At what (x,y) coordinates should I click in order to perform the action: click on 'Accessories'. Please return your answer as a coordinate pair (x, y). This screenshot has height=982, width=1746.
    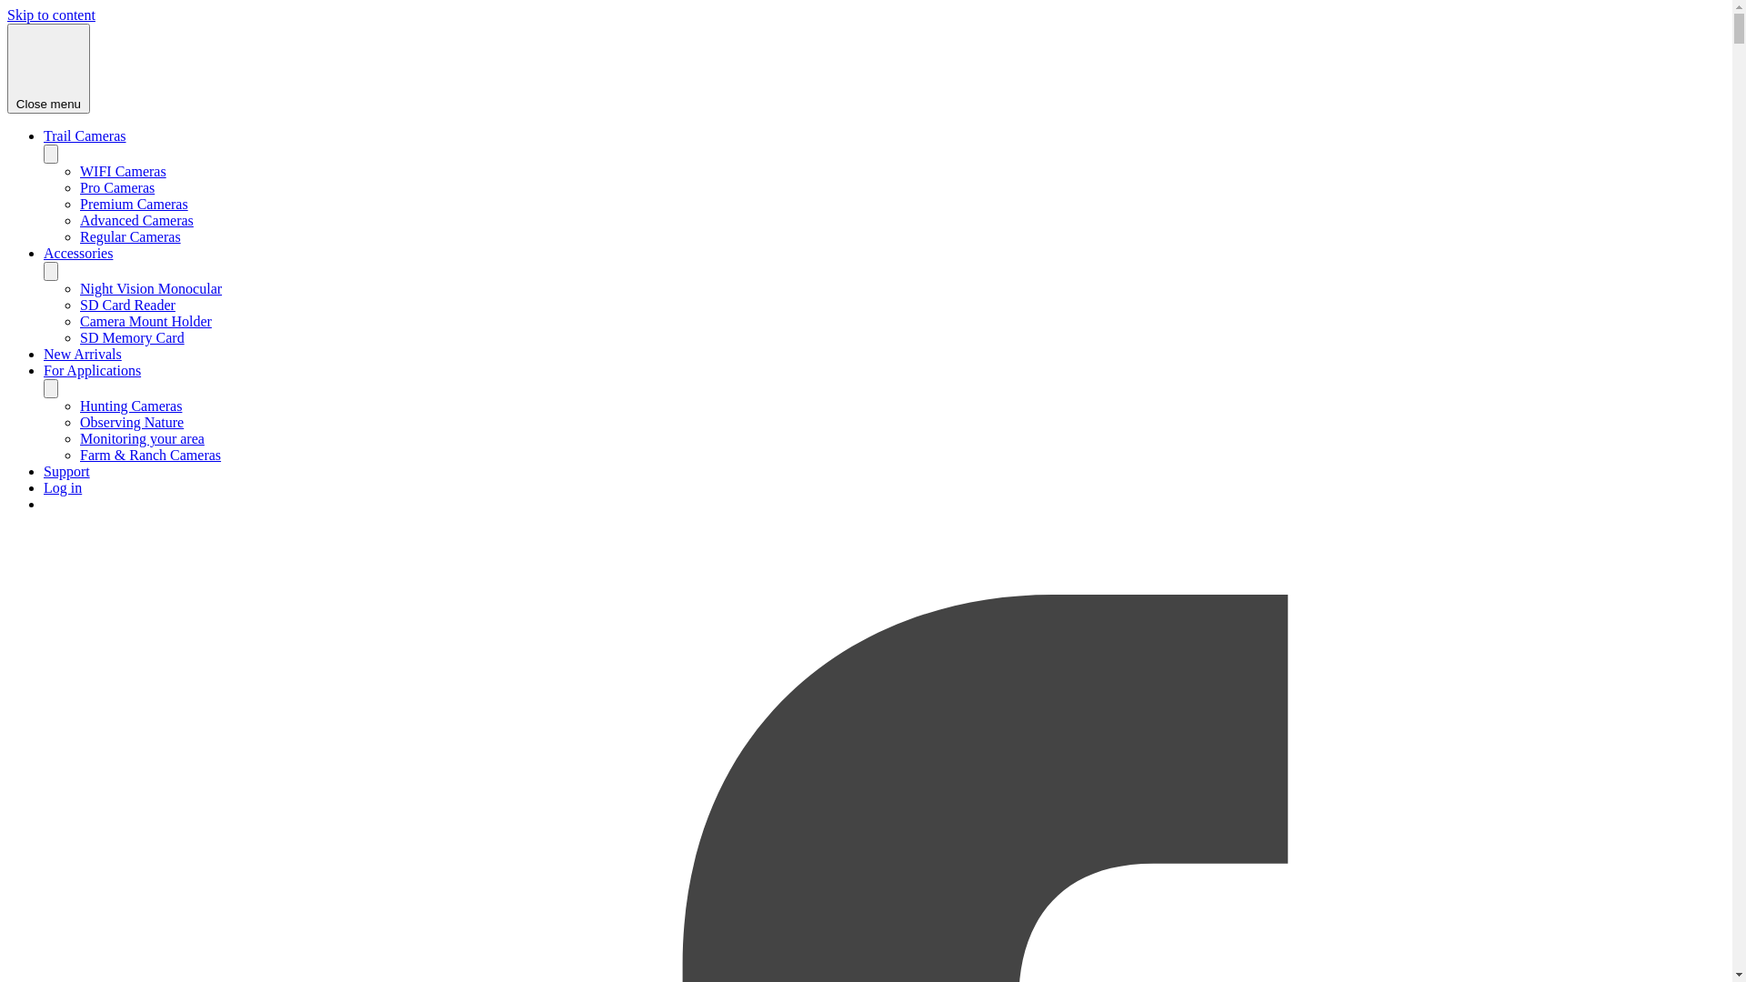
    Looking at the image, I should click on (77, 253).